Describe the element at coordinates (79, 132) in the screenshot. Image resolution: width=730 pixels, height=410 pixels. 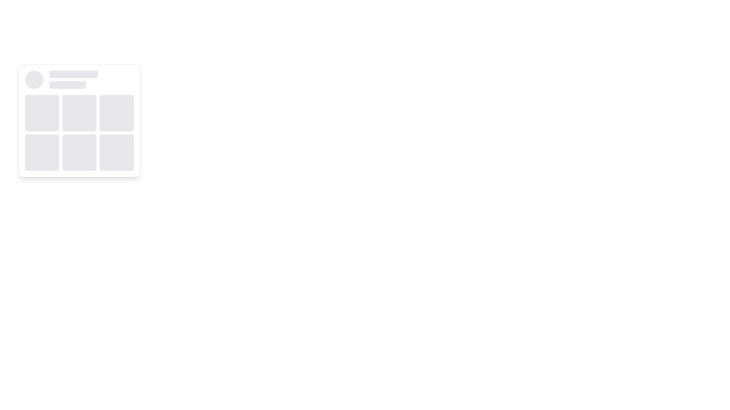
I see `the central grid layout component that serves as a loading or visual placeholder for content, which is situated within a bordered, rounded rectangular card` at that location.